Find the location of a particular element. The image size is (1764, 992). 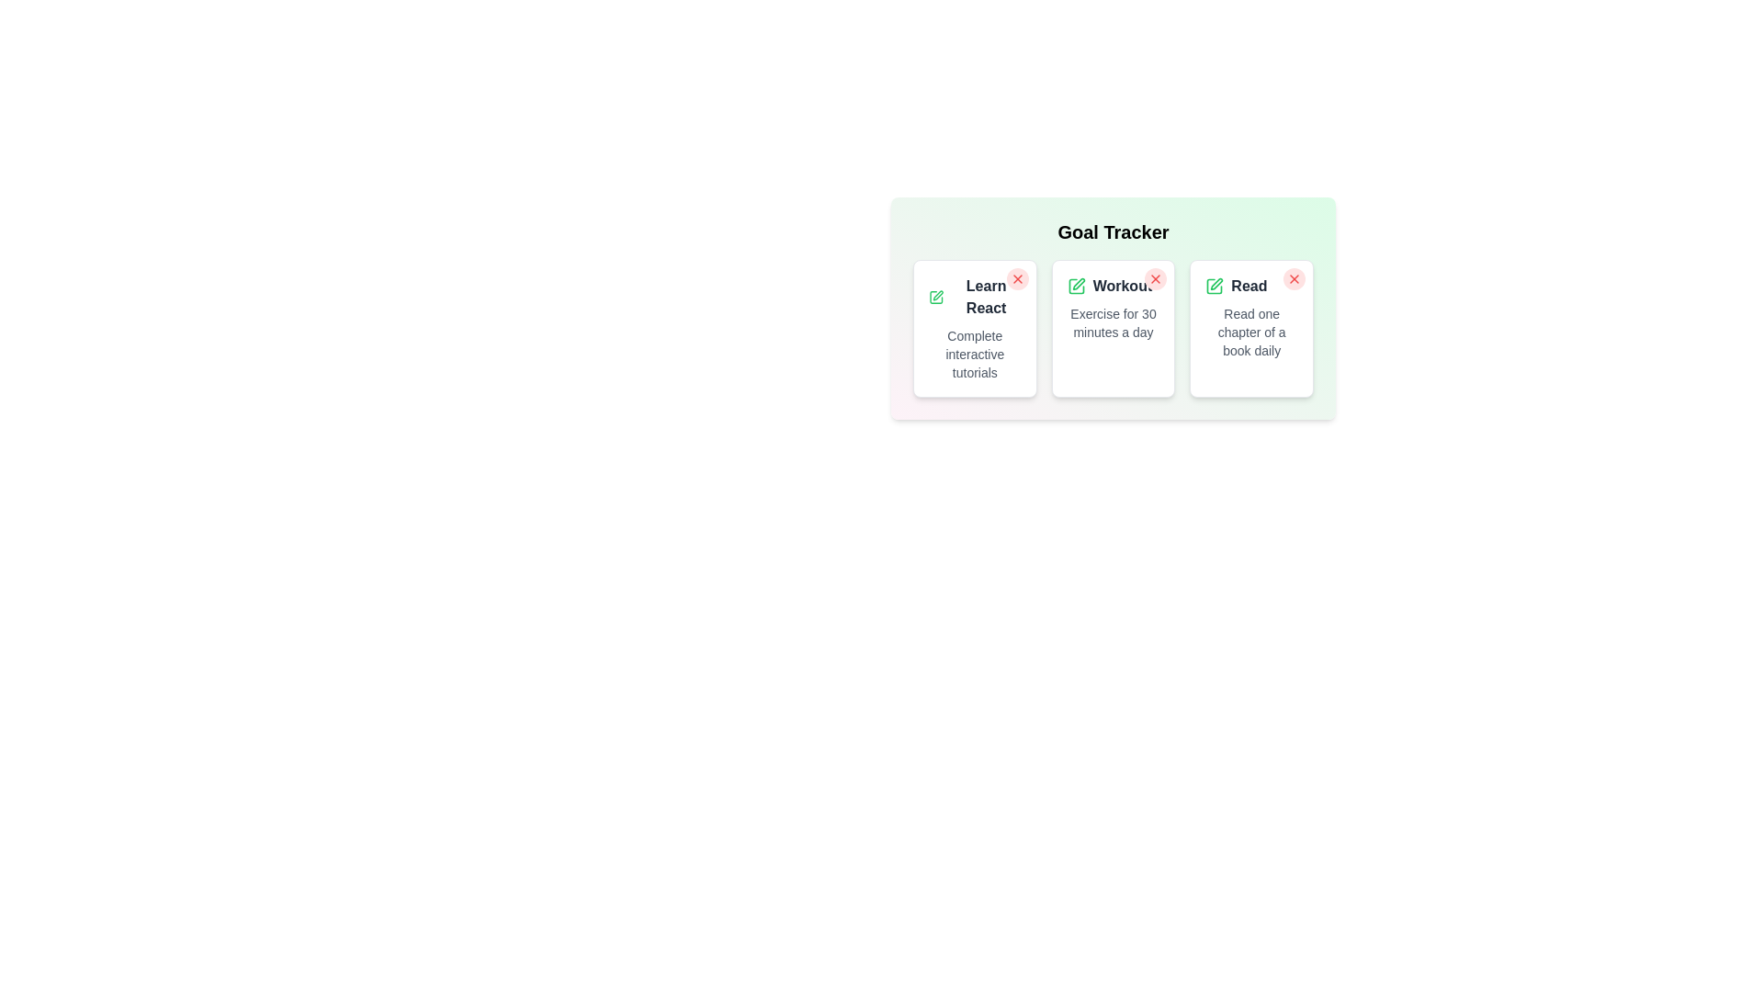

the edit icon for the goal titled 'Workout' is located at coordinates (1076, 287).